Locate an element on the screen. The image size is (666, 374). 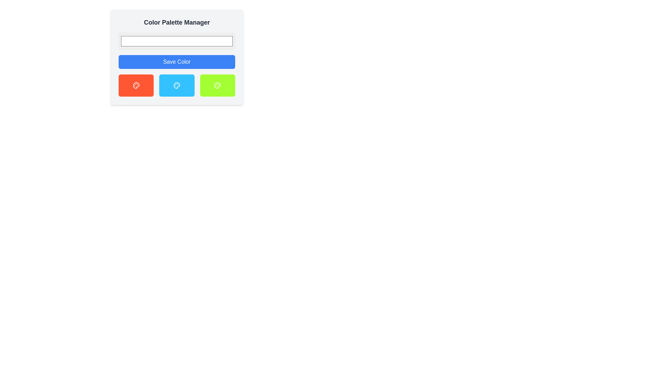
the color selection element, which is the middle rectangle in a grid of three is located at coordinates (177, 85).